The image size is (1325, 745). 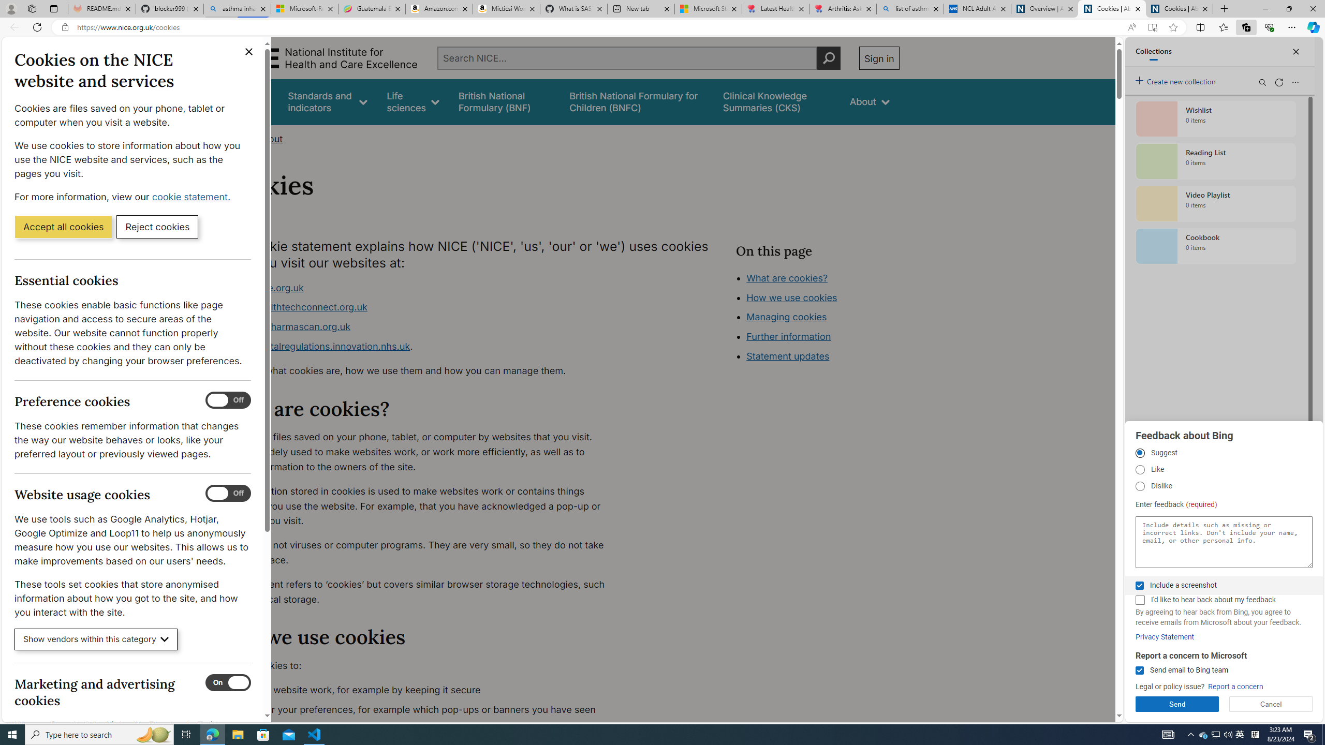 I want to click on 'cookie statement. (Opens in a new window)', so click(x=192, y=196).